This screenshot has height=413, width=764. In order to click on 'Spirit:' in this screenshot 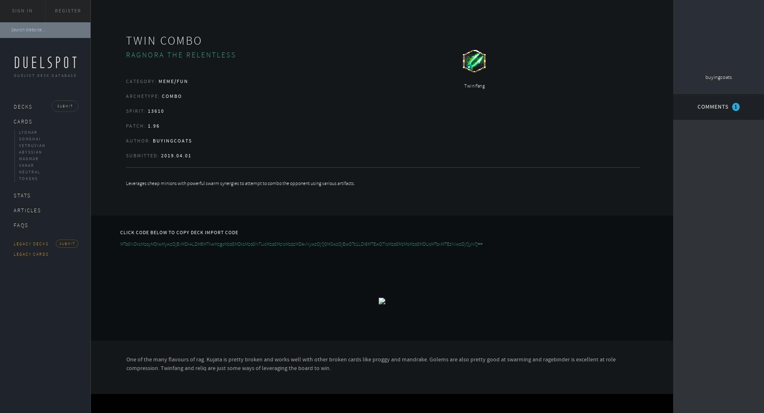, I will do `click(136, 111)`.